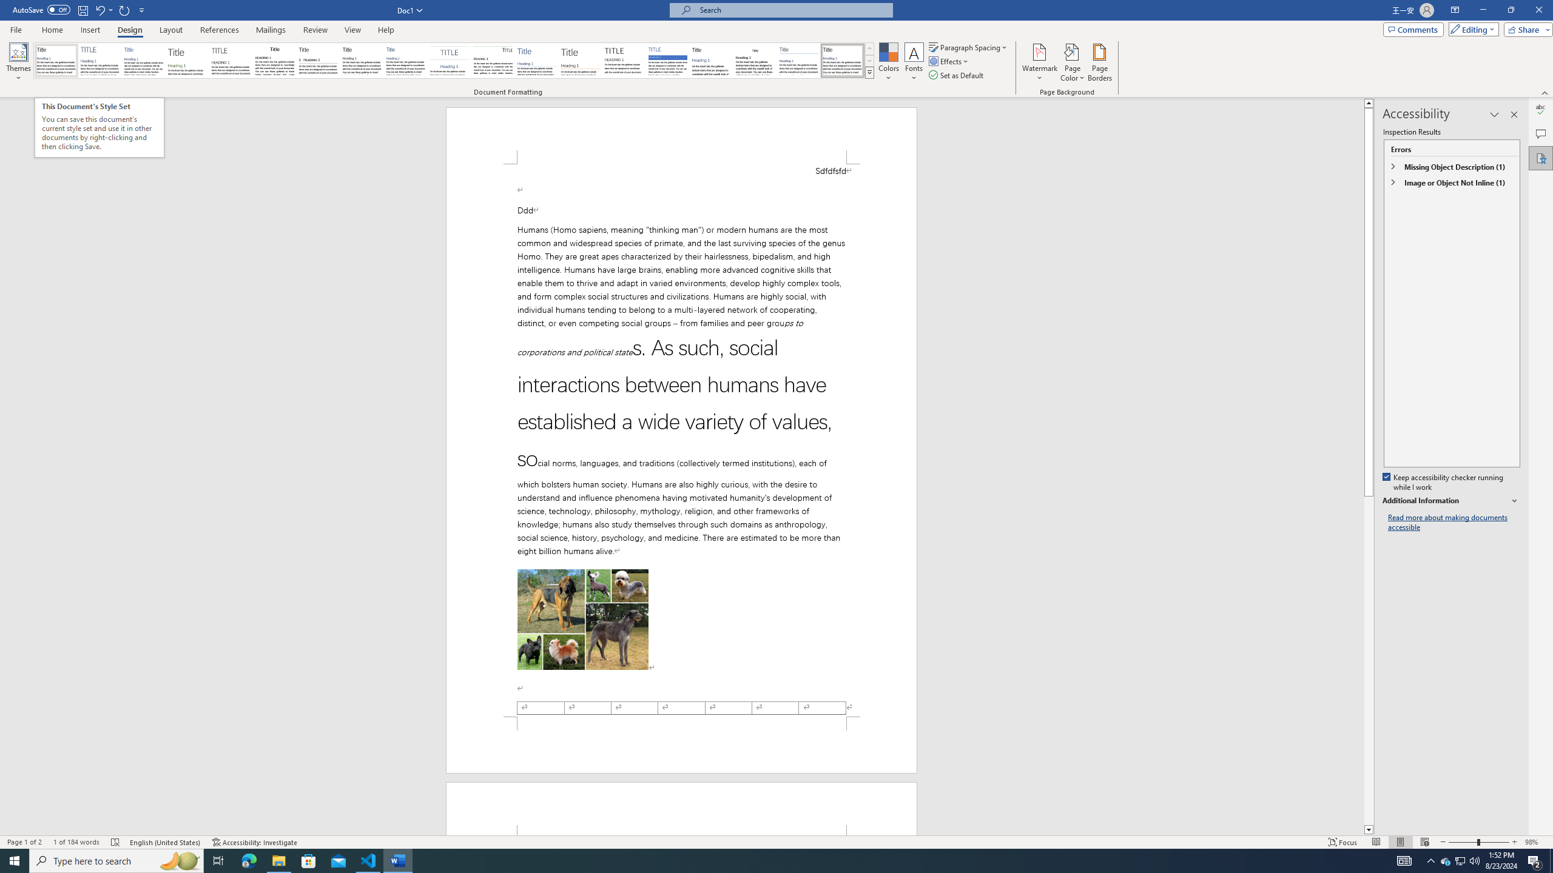 The height and width of the screenshot is (873, 1553). What do you see at coordinates (667, 60) in the screenshot?
I see `'Shaded'` at bounding box center [667, 60].